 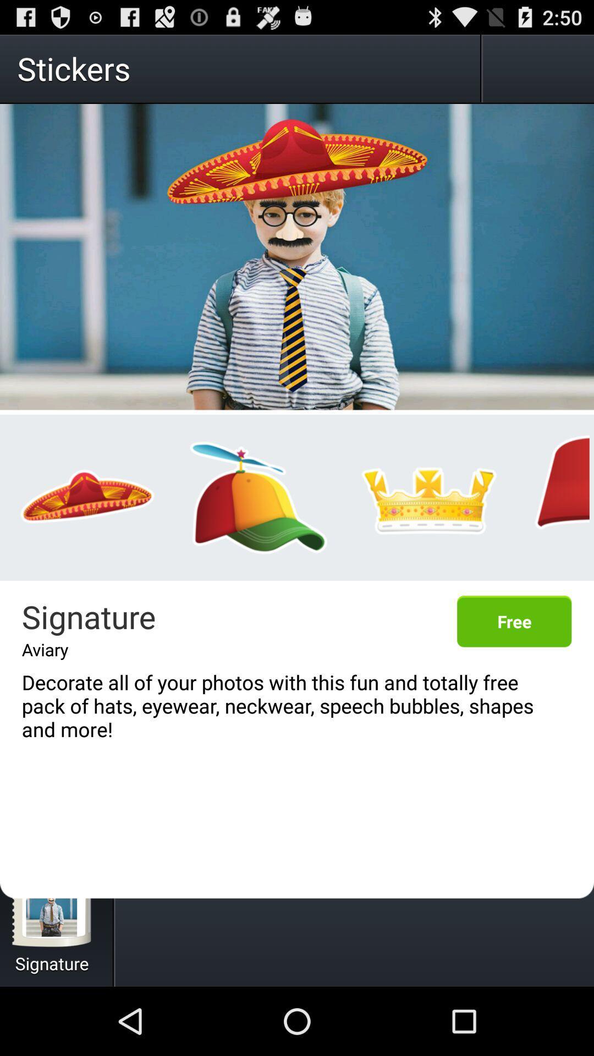 I want to click on icon at the bottom left corner, so click(x=52, y=905).